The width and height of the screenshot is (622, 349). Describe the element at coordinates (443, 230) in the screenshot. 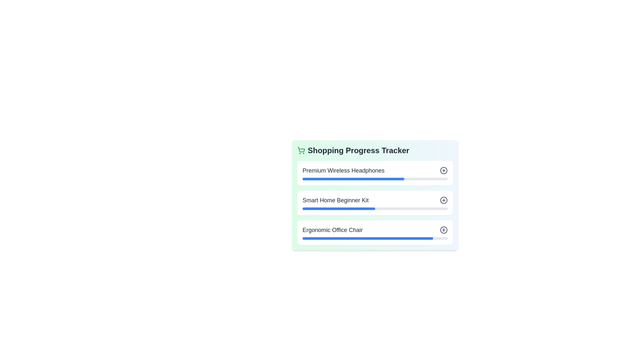

I see `the circular SVG icon that represents an addition action, located to the far right of the 'Ergonomic Office Chair' progress bar row` at that location.